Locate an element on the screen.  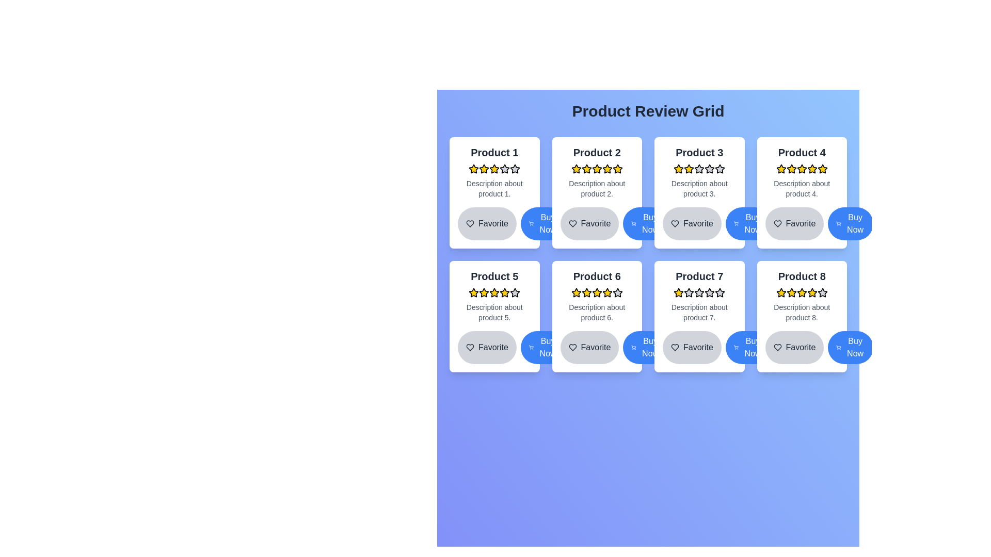
the fifth star in the rating system for 'Product 4' is located at coordinates (822, 168).